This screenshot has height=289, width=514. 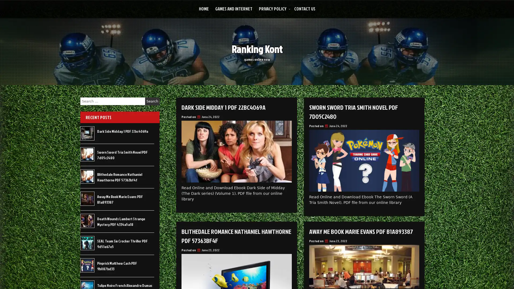 What do you see at coordinates (152, 101) in the screenshot?
I see `Search` at bounding box center [152, 101].